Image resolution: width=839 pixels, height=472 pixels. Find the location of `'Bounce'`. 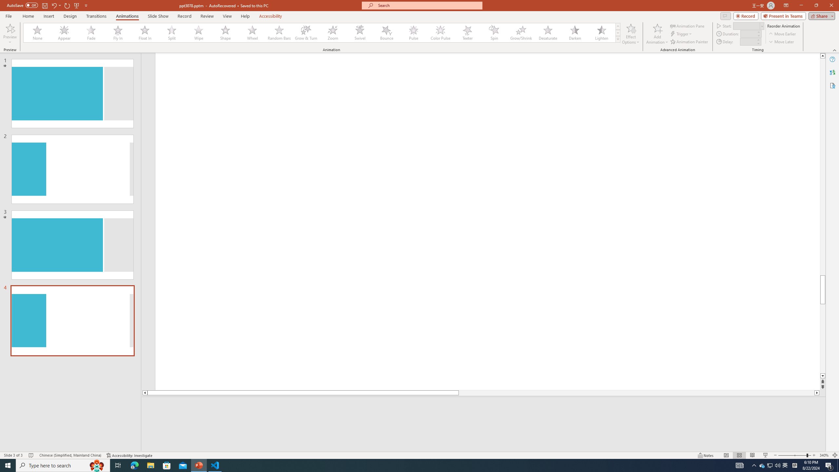

'Bounce' is located at coordinates (386, 32).